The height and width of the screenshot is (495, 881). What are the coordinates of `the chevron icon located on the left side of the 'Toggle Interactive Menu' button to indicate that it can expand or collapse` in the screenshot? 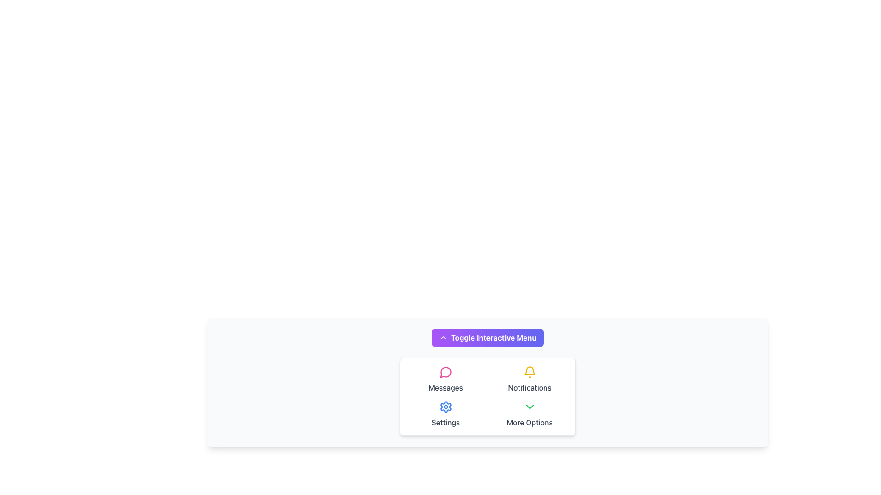 It's located at (443, 337).